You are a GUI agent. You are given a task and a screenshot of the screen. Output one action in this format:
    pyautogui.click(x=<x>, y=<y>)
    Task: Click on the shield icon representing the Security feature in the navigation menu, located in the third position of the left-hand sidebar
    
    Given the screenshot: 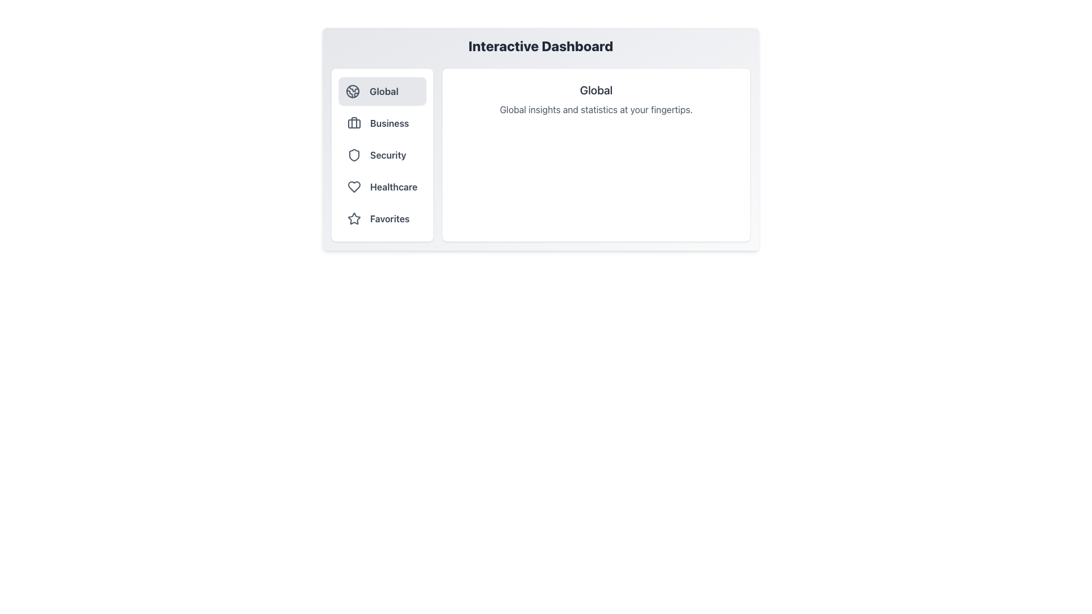 What is the action you would take?
    pyautogui.click(x=354, y=155)
    